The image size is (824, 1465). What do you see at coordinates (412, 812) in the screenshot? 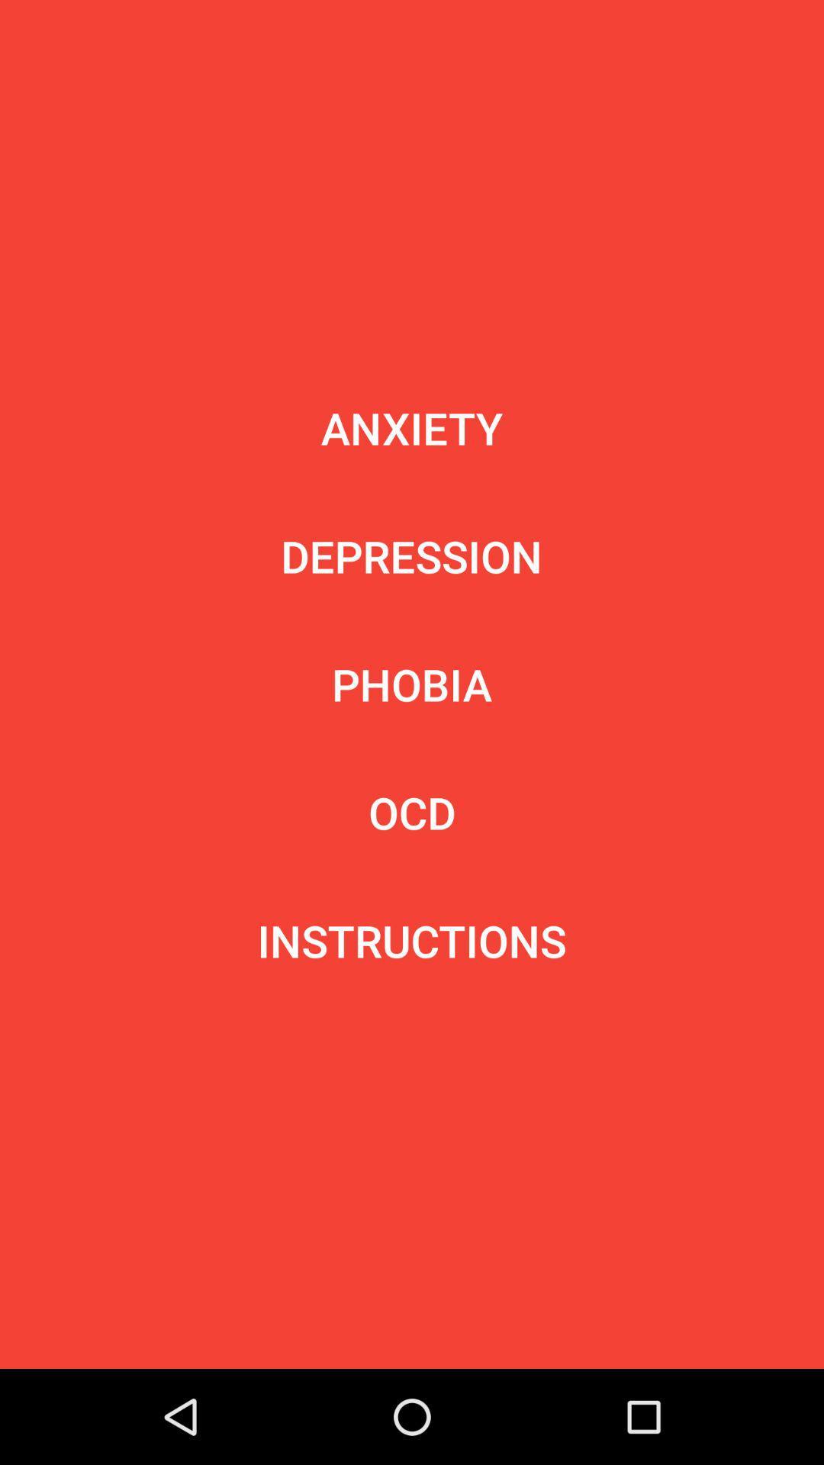
I see `ocd` at bounding box center [412, 812].